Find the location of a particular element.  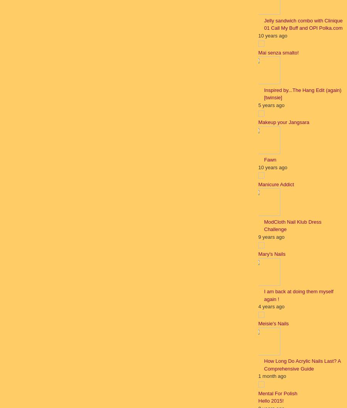

'Jelly sandwich combo with Clinique 01 Call My Buff and OPI Polka.com' is located at coordinates (303, 24).